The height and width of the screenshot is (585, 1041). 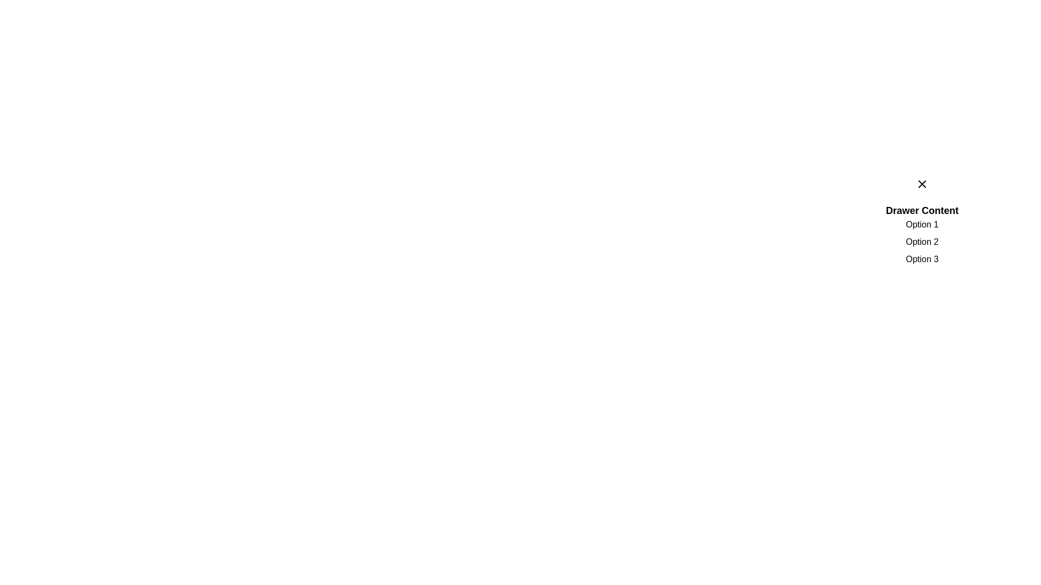 I want to click on the 'Option 2' button, which is the second button in a vertical list of options labeled 'Drawer Content', so click(x=921, y=242).